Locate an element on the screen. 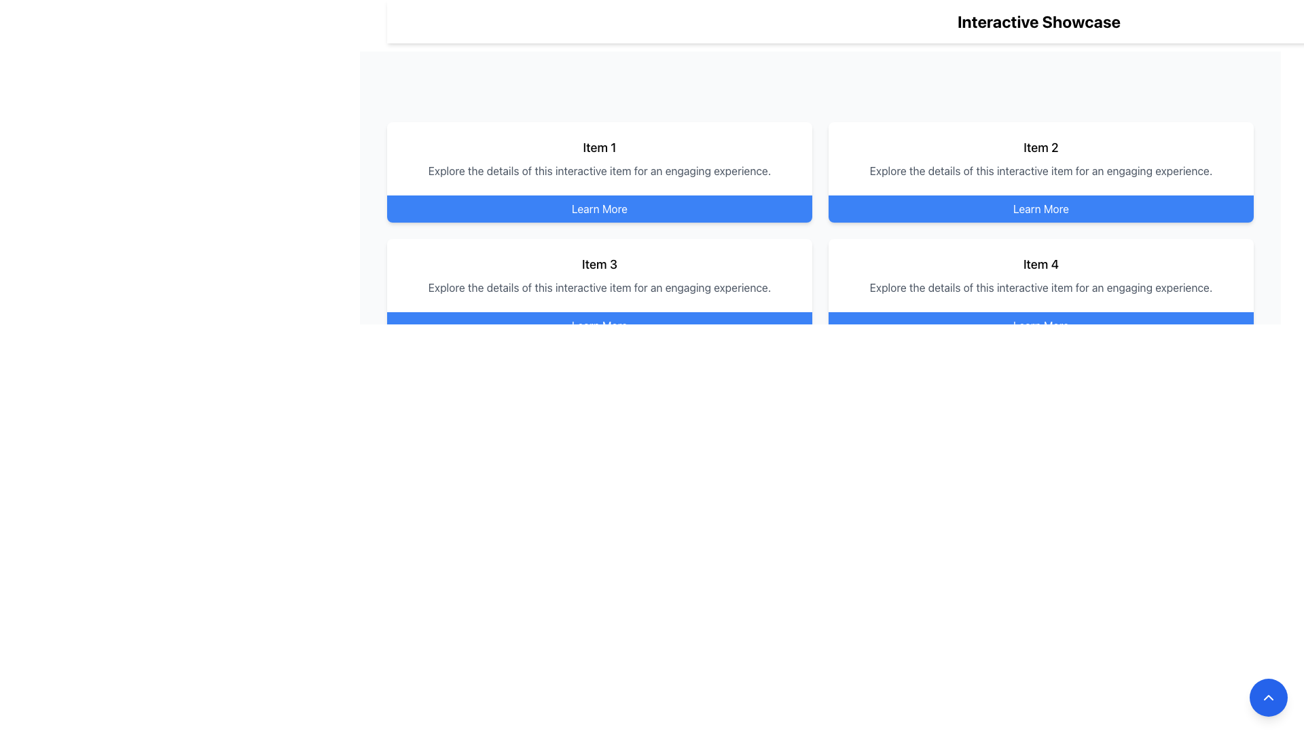  the text label styled in a smaller, gray font located beneath the heading 'Item 4' in the card layout is located at coordinates (1040, 287).